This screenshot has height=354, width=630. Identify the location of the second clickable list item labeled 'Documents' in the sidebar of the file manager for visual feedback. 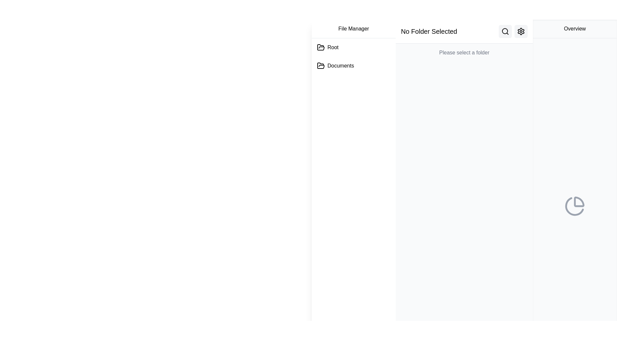
(335, 66).